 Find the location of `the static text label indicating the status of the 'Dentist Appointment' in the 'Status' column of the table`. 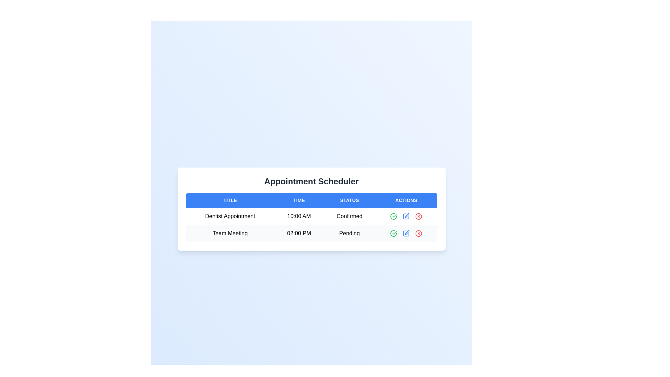

the static text label indicating the status of the 'Dentist Appointment' in the 'Status' column of the table is located at coordinates (349, 216).